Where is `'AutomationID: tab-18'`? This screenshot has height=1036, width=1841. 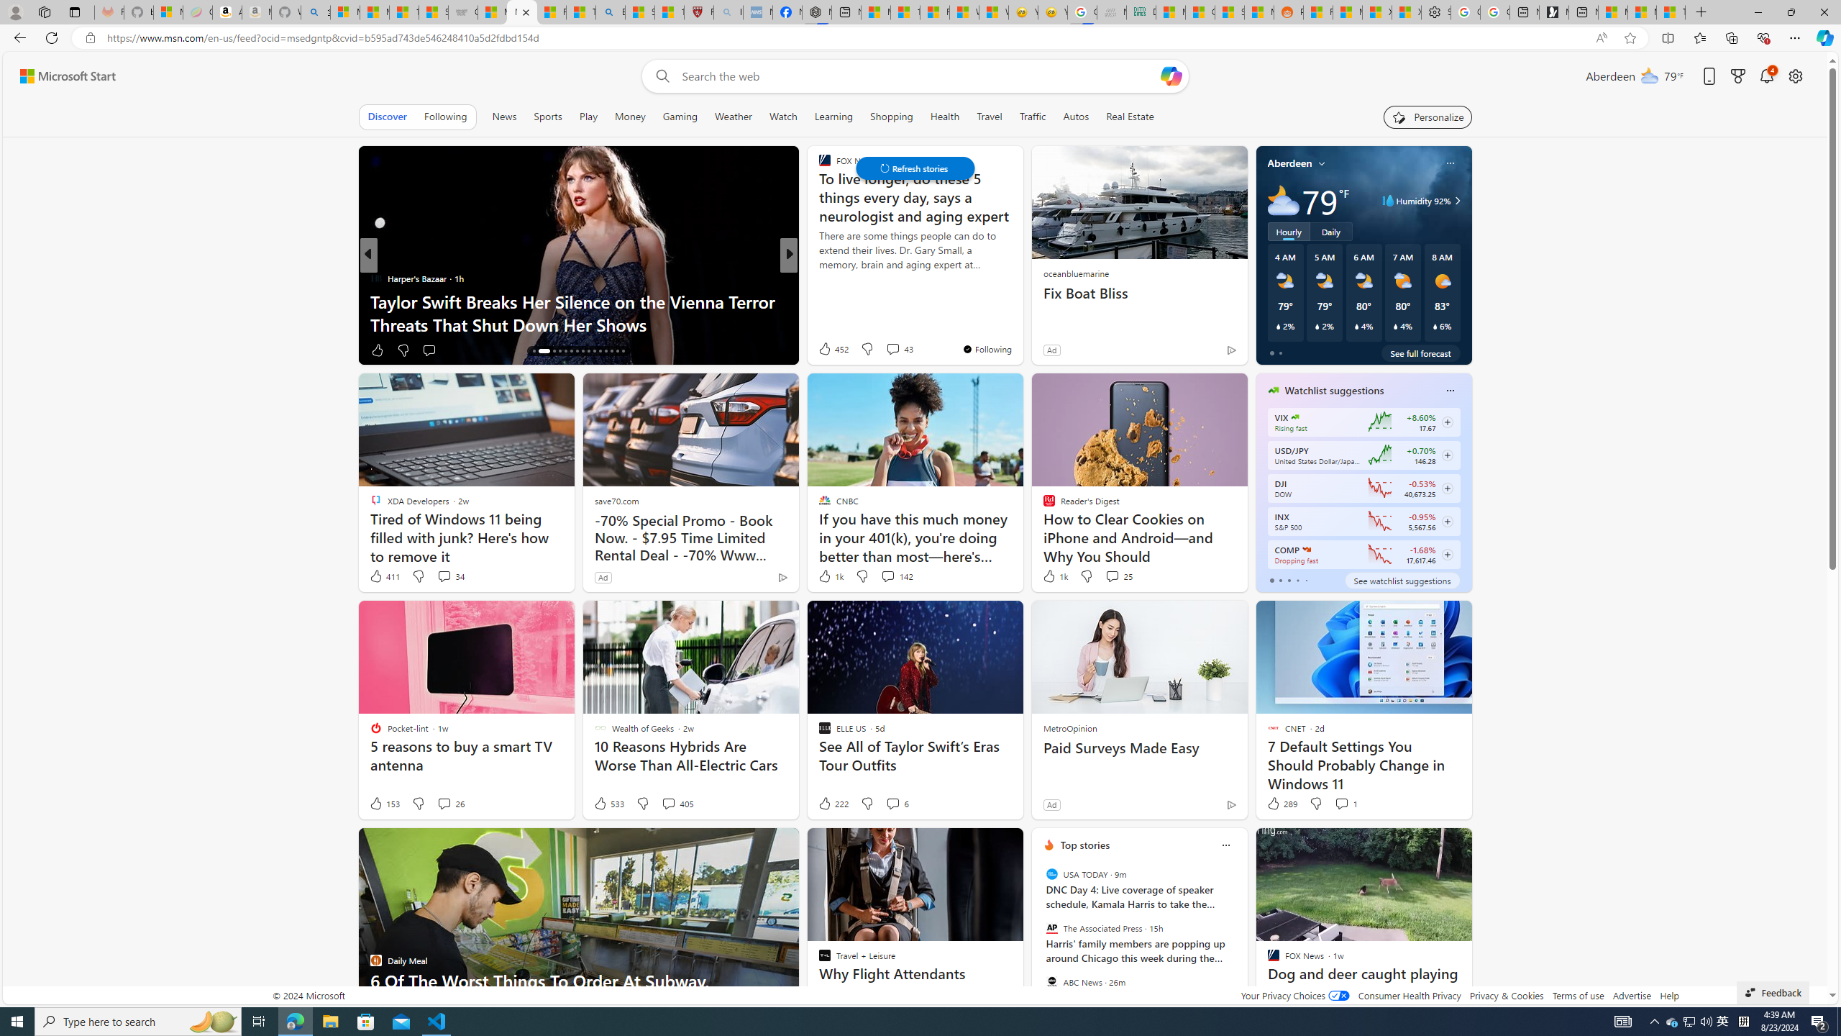 'AutomationID: tab-18' is located at coordinates (551, 350).